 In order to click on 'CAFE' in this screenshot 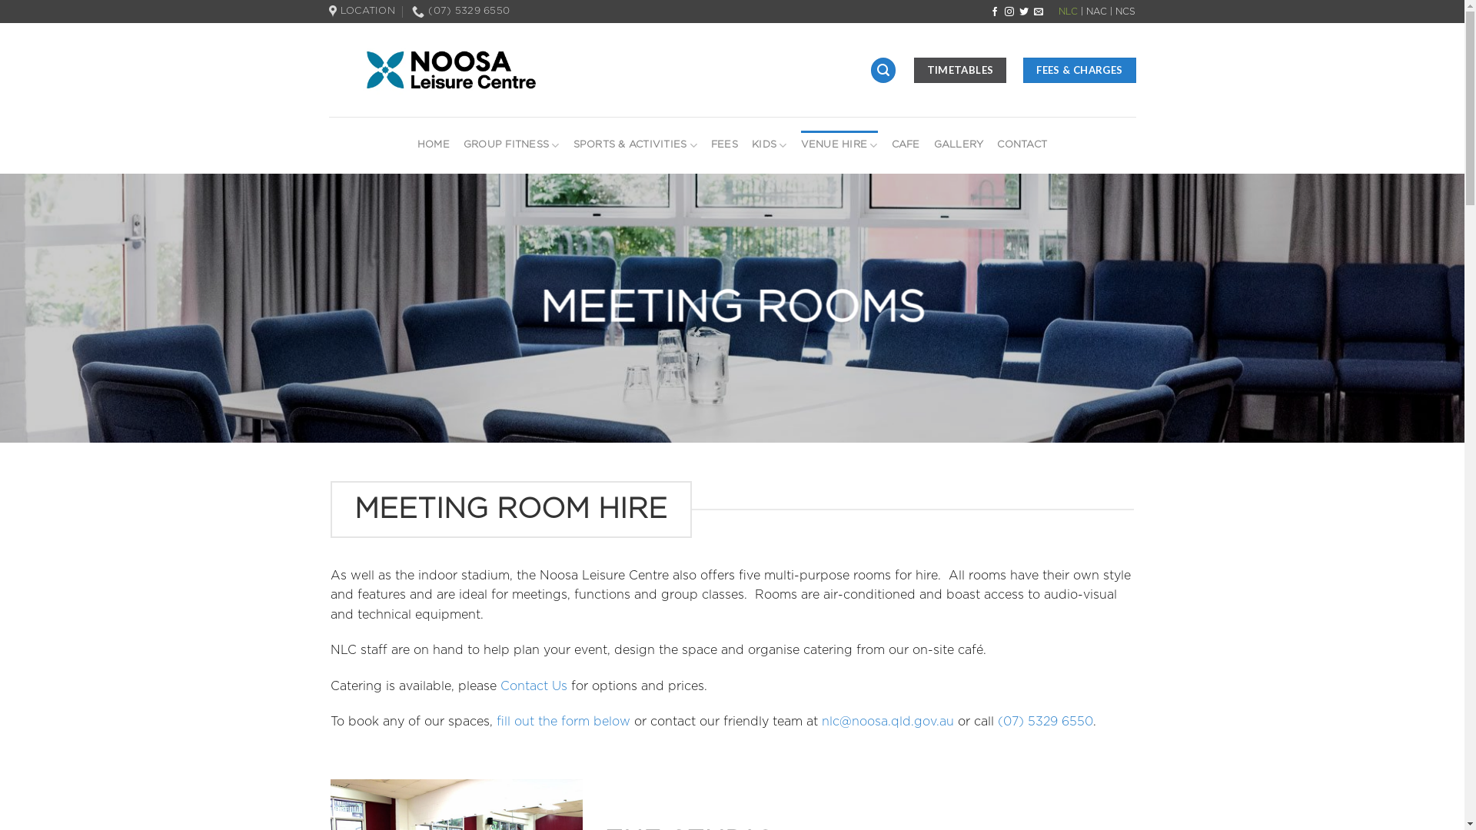, I will do `click(906, 145)`.